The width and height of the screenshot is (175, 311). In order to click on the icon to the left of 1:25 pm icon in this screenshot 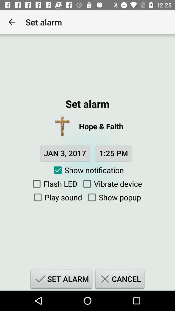, I will do `click(65, 153)`.